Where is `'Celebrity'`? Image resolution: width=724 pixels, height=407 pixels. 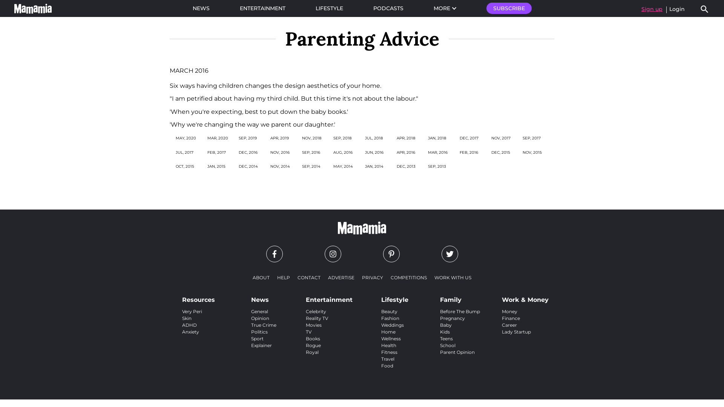 'Celebrity' is located at coordinates (316, 311).